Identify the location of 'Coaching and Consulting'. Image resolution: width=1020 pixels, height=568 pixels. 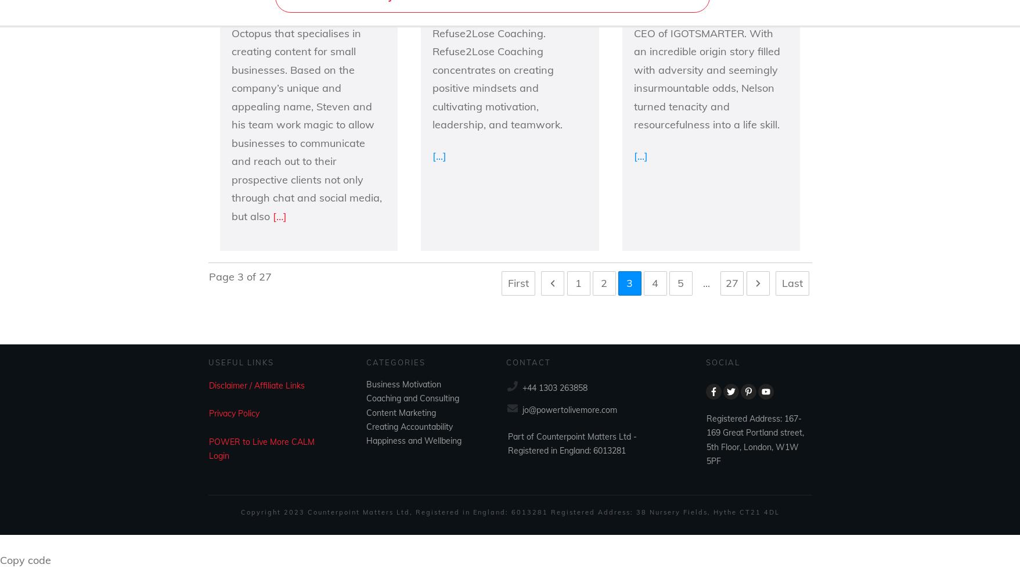
(412, 398).